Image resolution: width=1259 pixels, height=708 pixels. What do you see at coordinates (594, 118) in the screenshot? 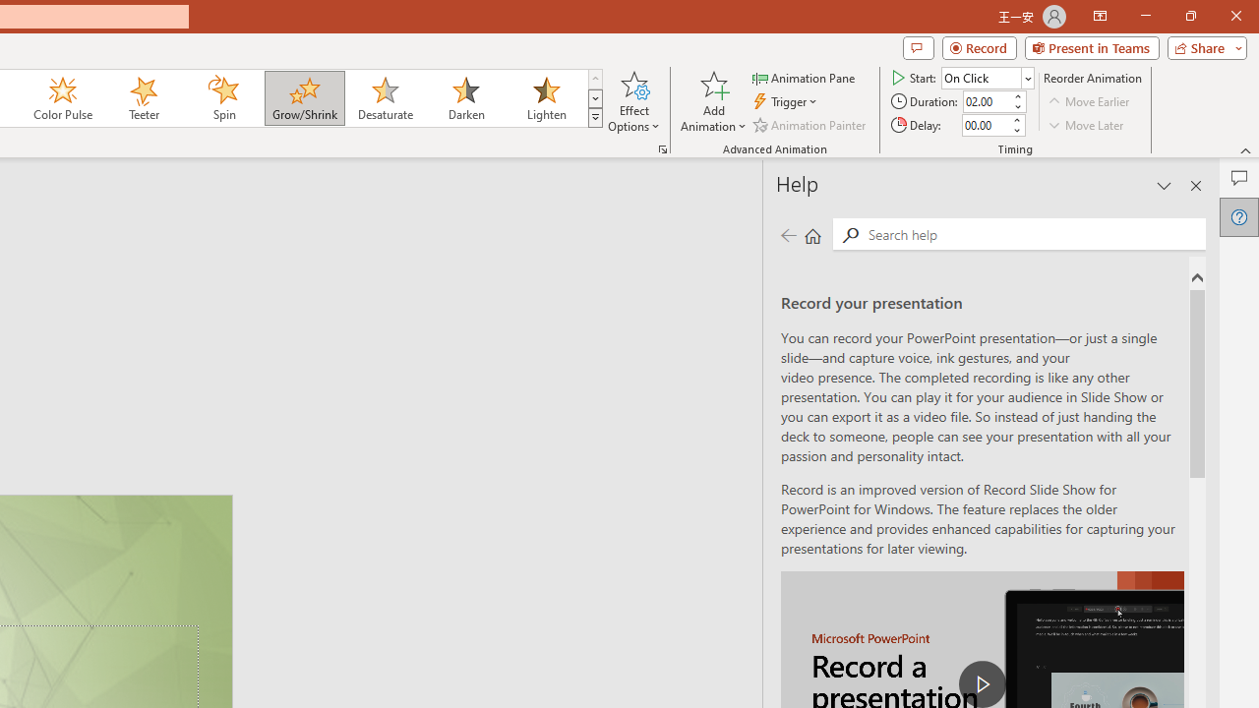
I see `'Animation Styles'` at bounding box center [594, 118].